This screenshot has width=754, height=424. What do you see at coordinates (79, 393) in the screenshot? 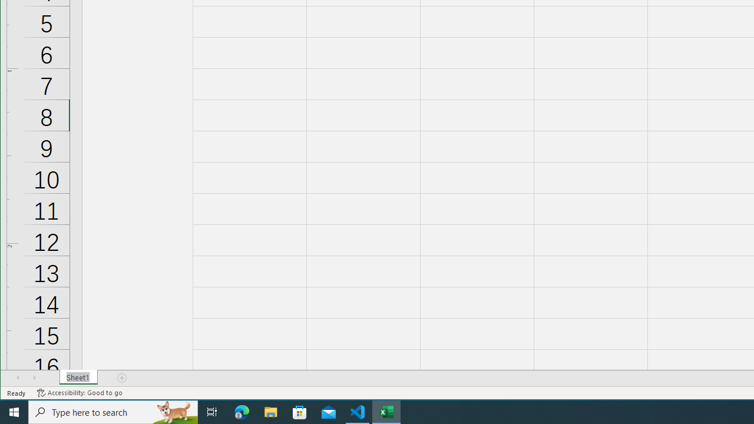
I see `'Accessibility Checker Accessibility: Good to go'` at bounding box center [79, 393].